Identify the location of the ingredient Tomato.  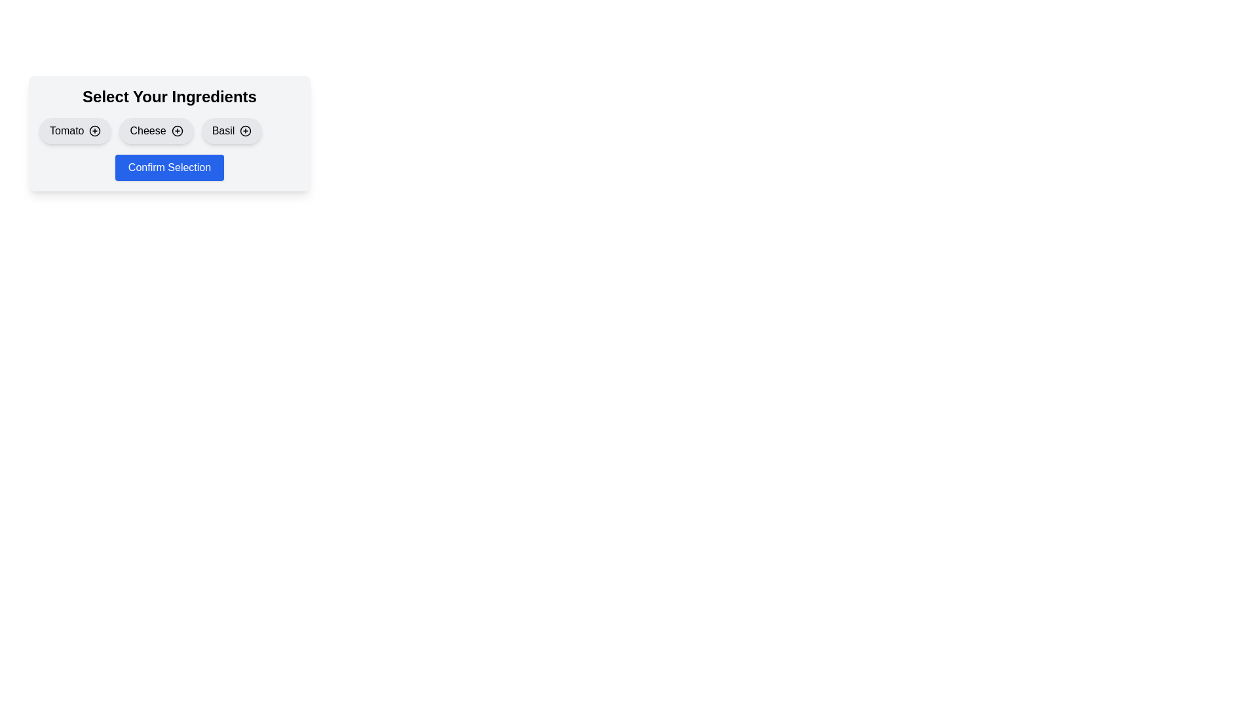
(75, 131).